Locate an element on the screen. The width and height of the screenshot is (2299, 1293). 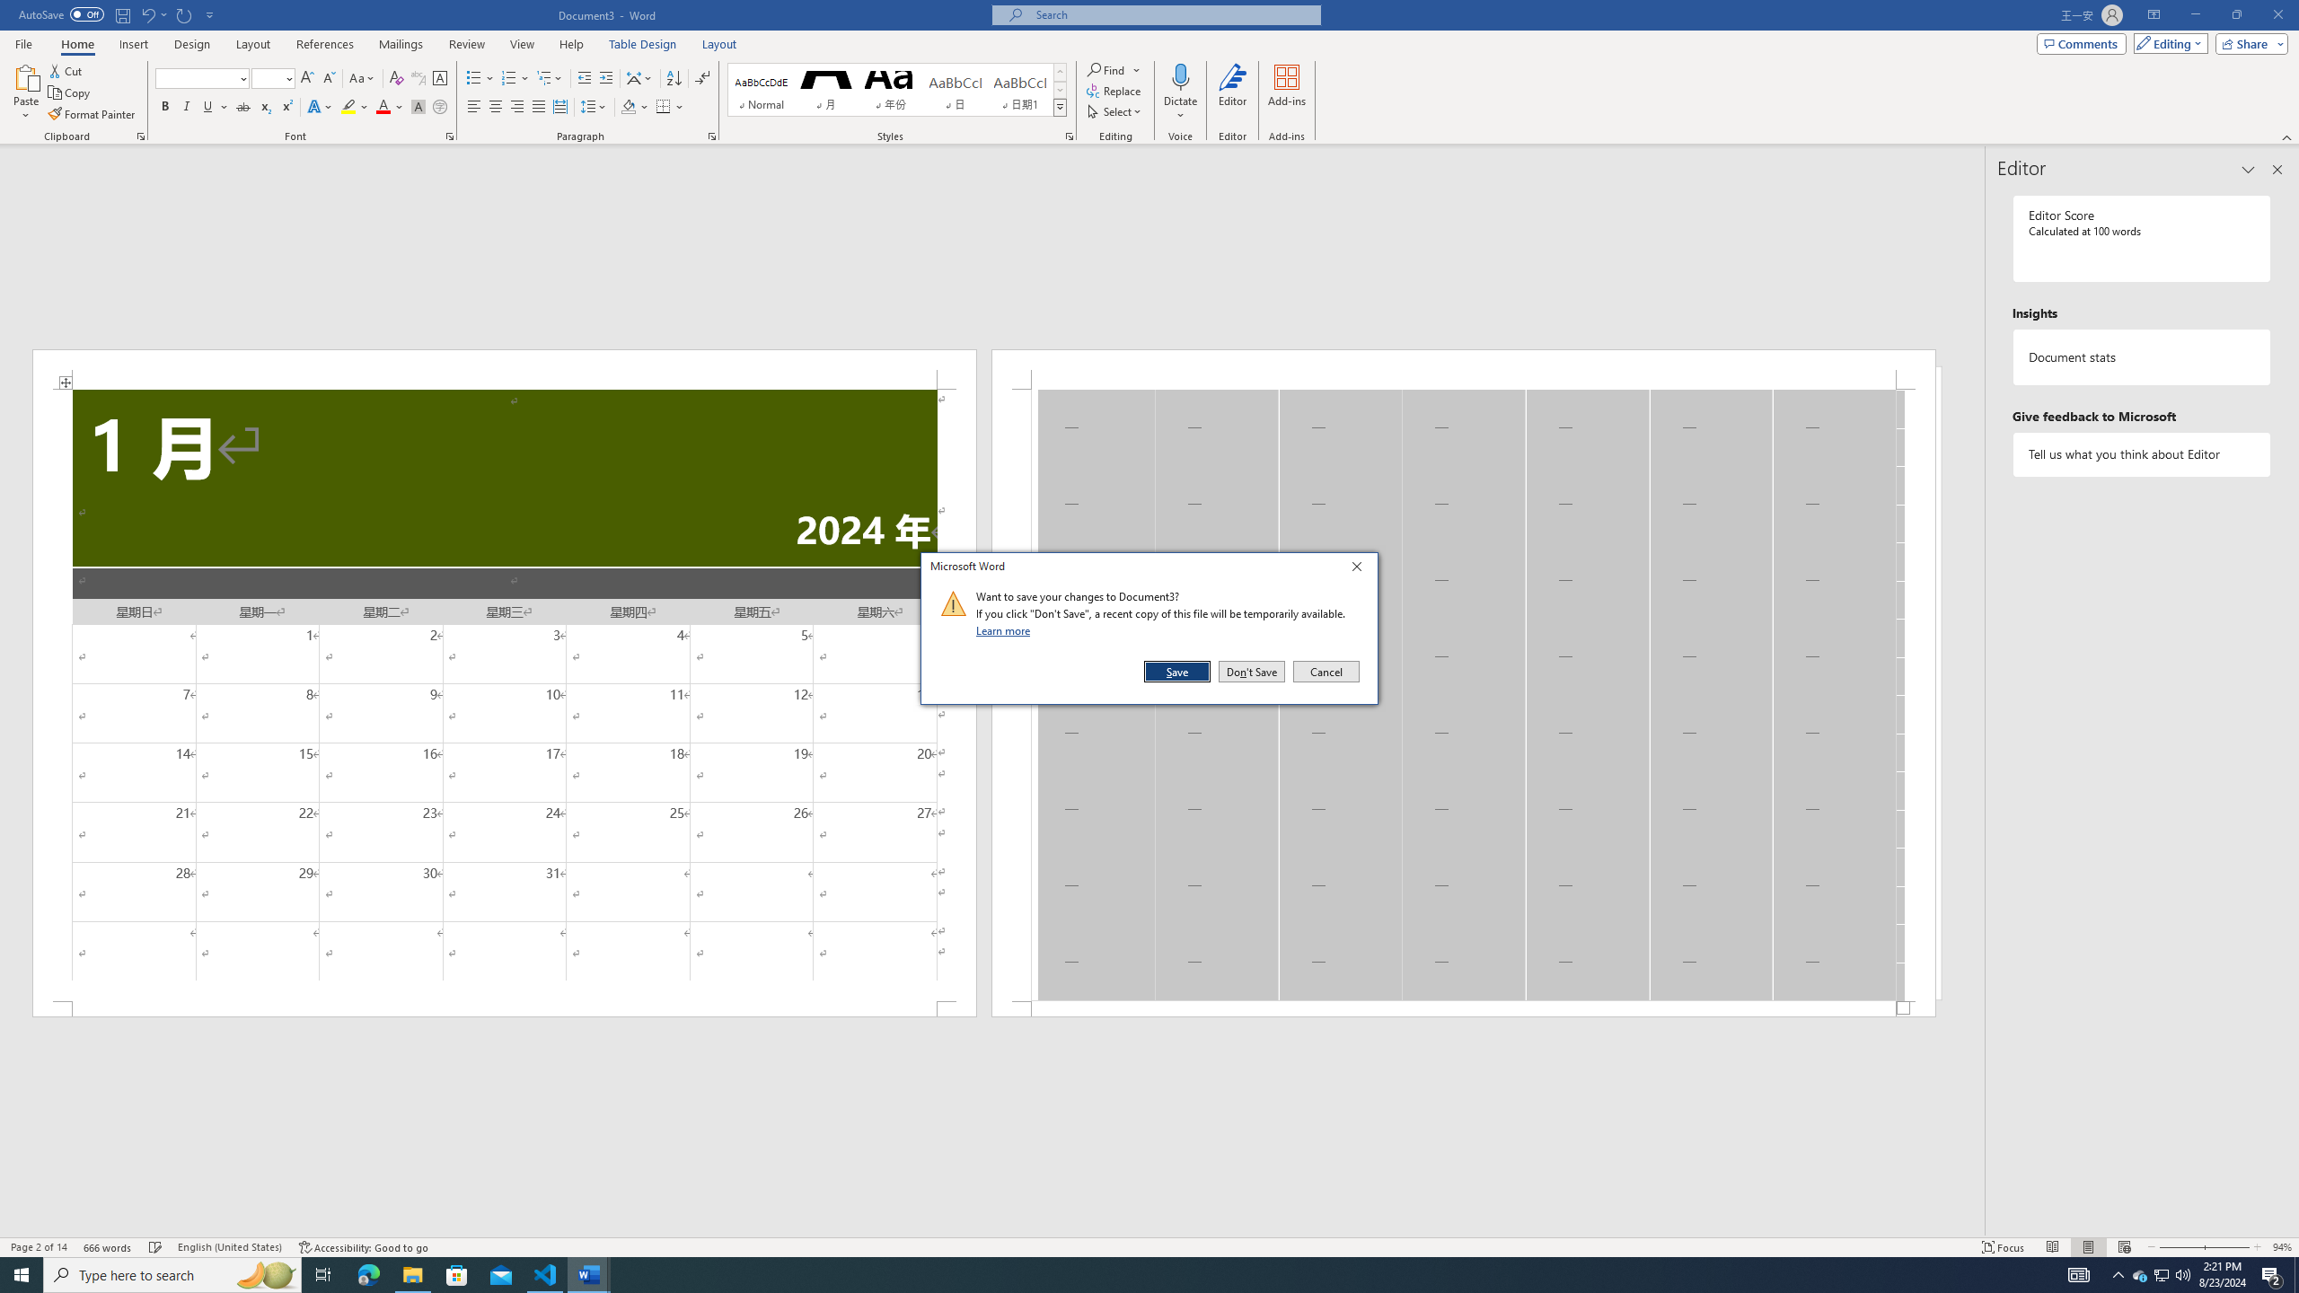
'Word Count 666 words' is located at coordinates (109, 1247).